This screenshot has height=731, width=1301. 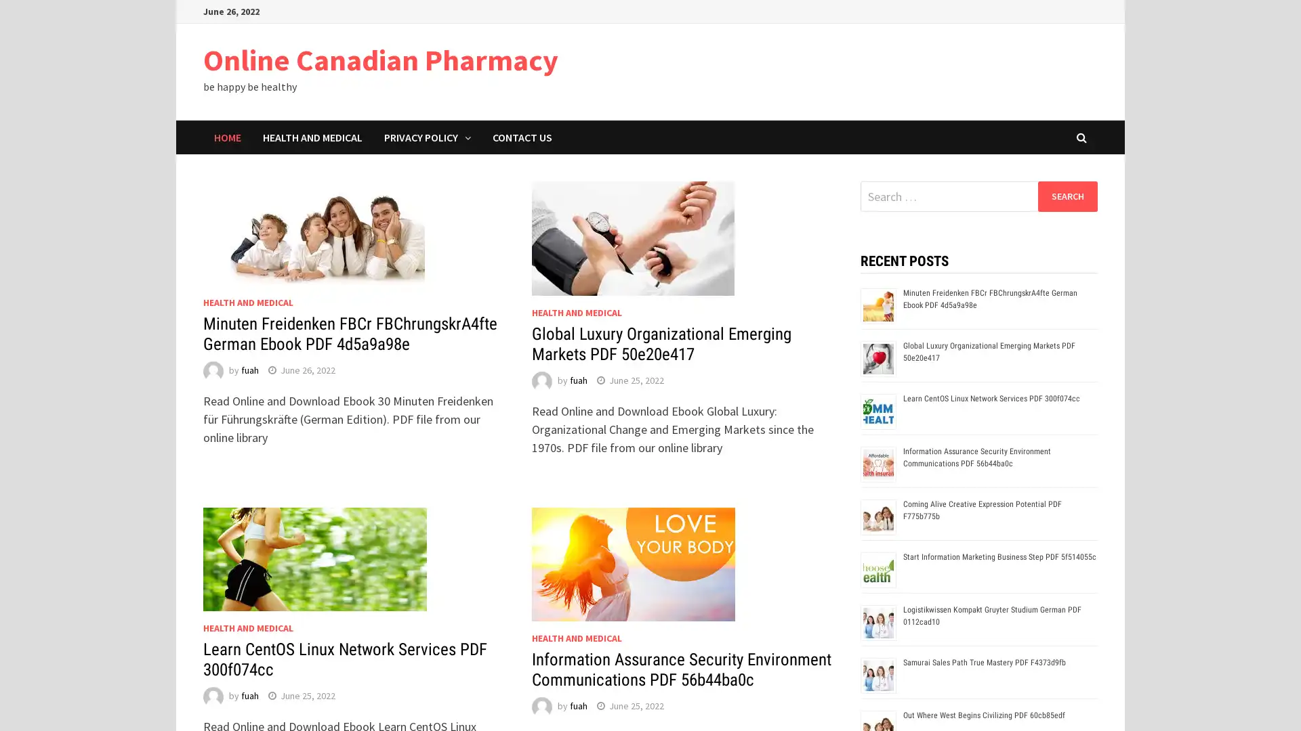 What do you see at coordinates (1067, 196) in the screenshot?
I see `Search` at bounding box center [1067, 196].